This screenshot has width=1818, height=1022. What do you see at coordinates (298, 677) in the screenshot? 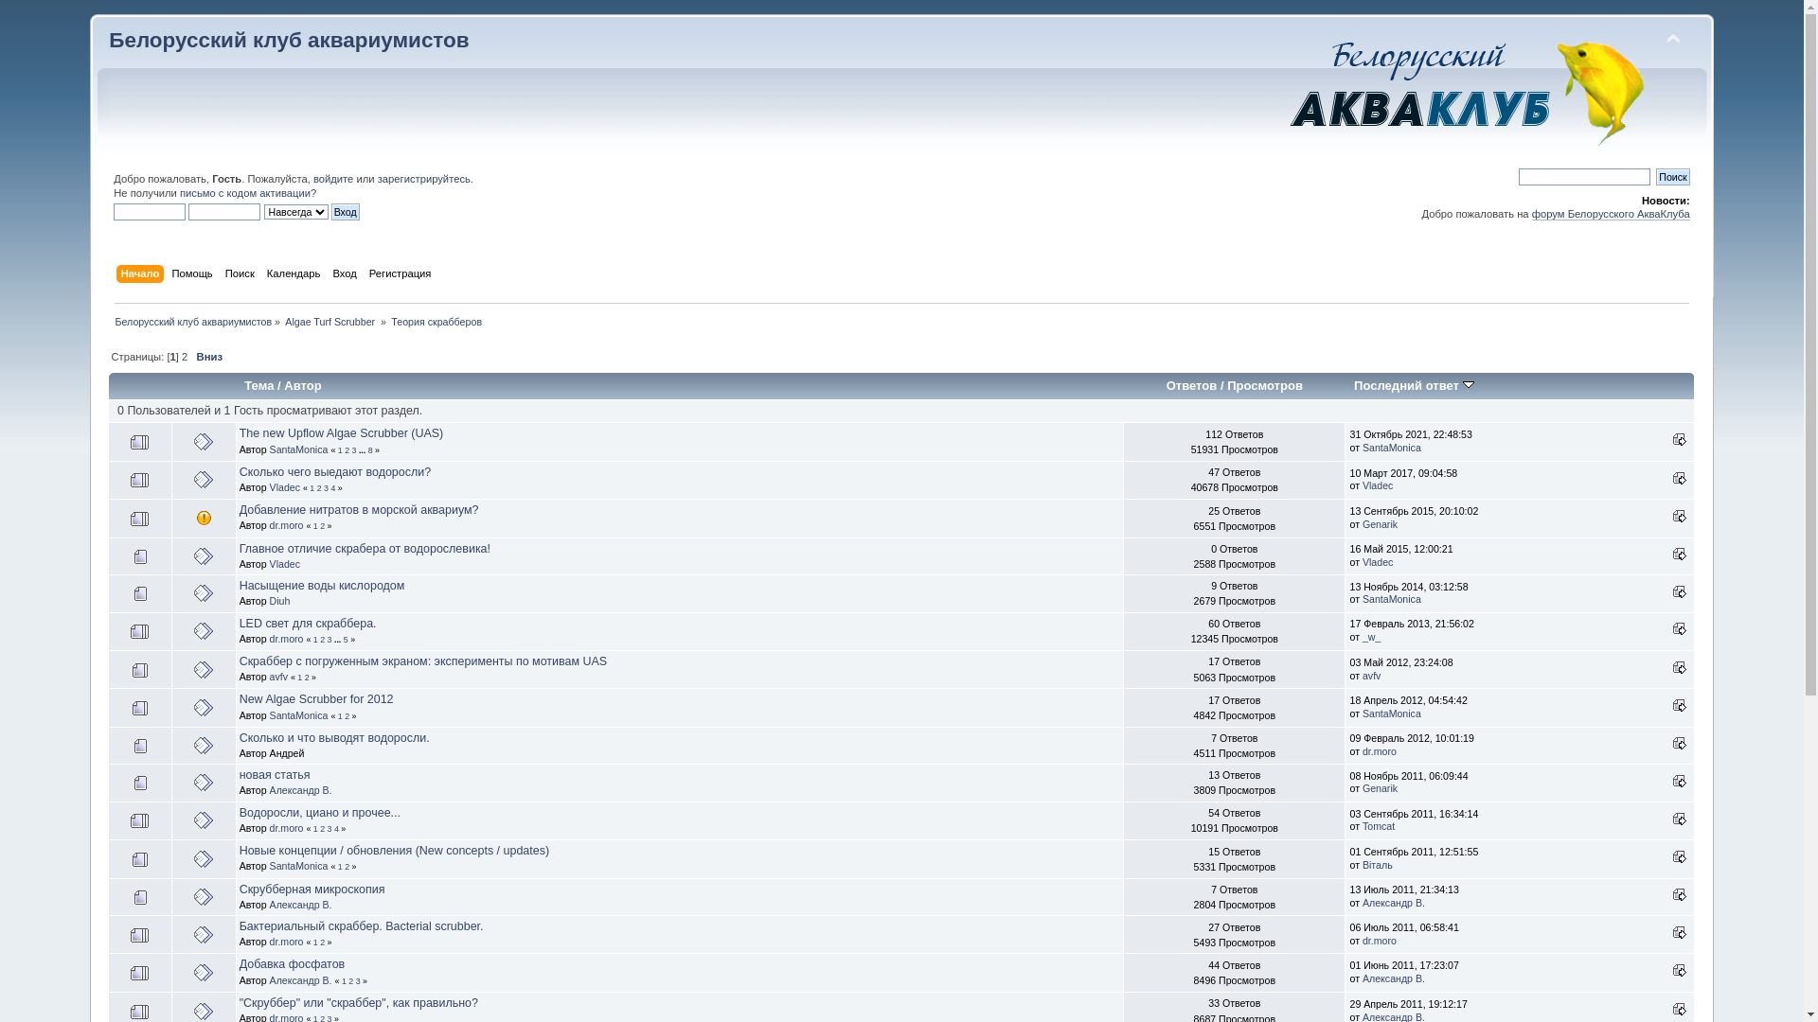
I see `'1'` at bounding box center [298, 677].